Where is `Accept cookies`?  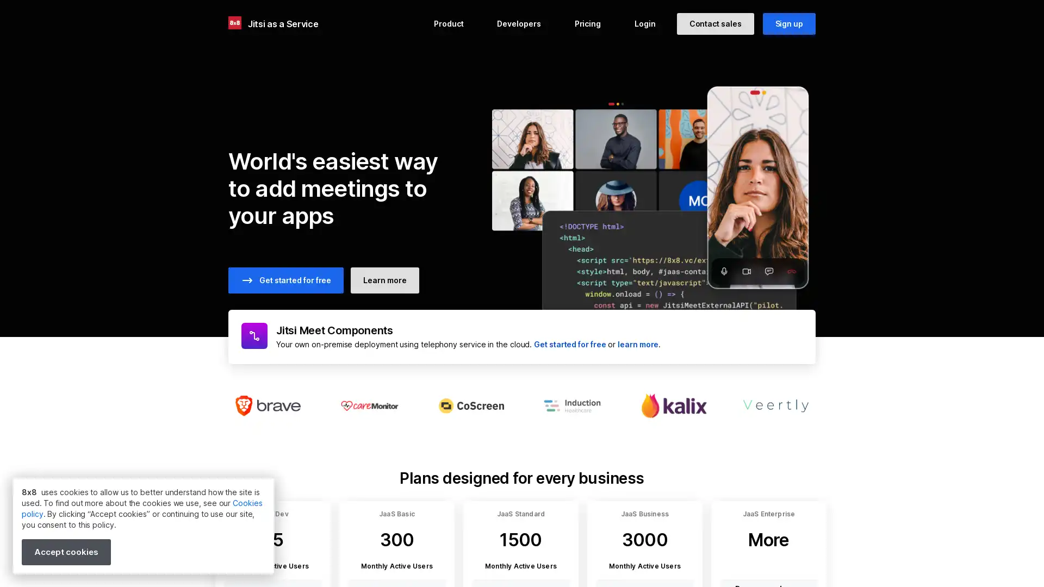
Accept cookies is located at coordinates (65, 552).